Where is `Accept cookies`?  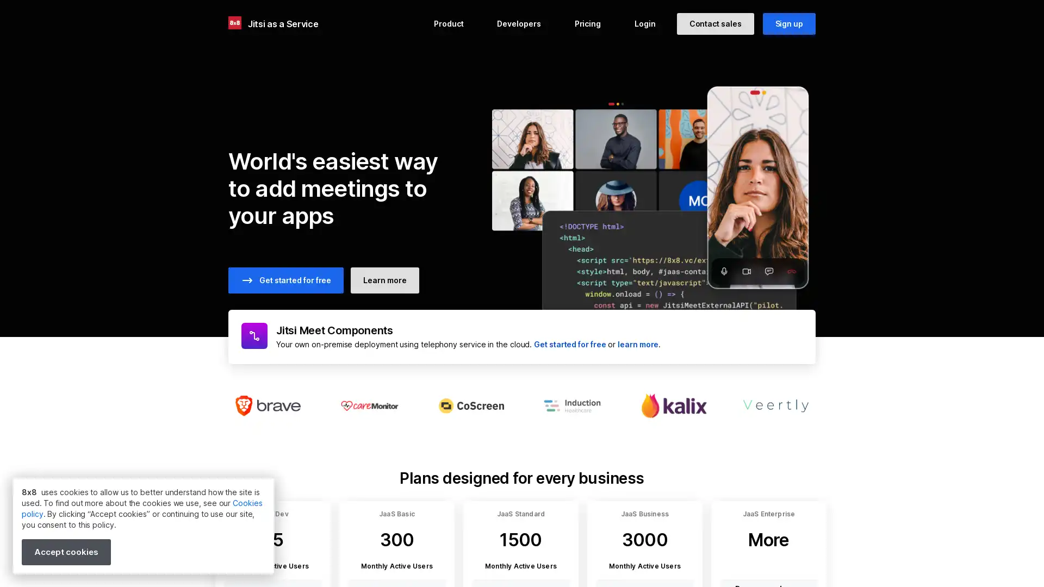
Accept cookies is located at coordinates (65, 552).